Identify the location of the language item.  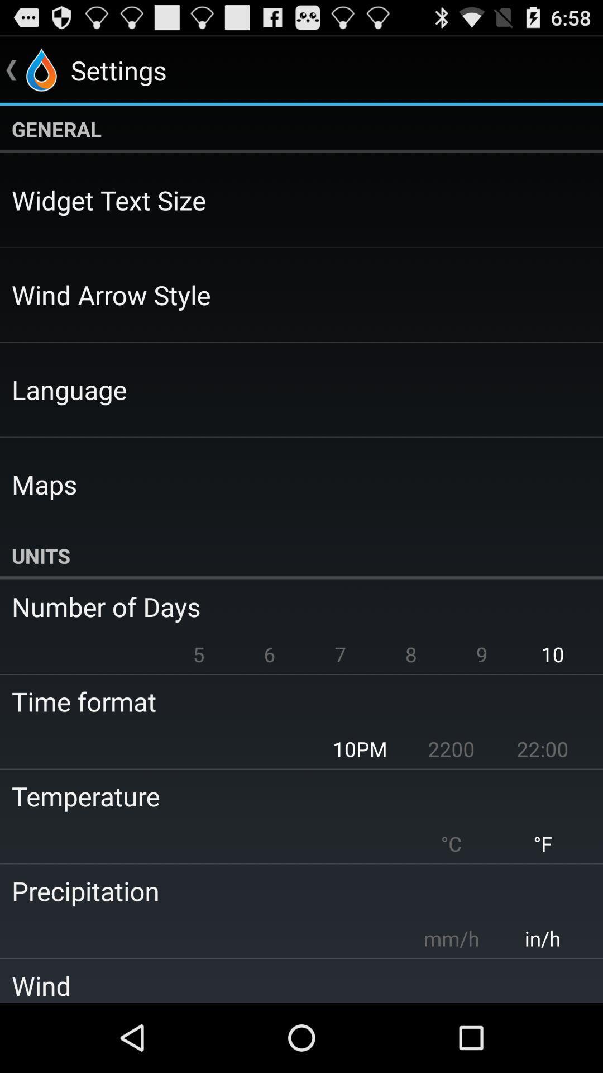
(69, 390).